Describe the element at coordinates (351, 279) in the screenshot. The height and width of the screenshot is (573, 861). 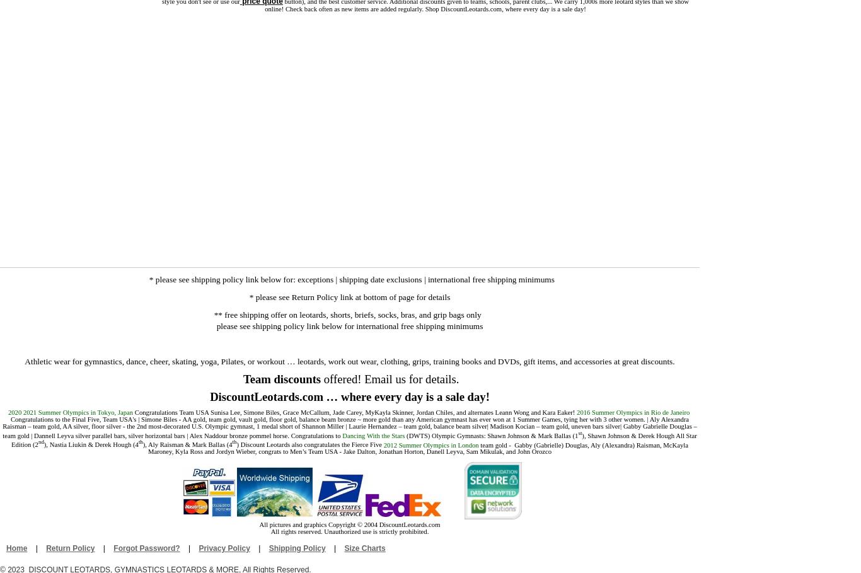
I see `'* please see shipping policy link below for: exceptions | shipping date exclusions | international free shipping minimums'` at that location.